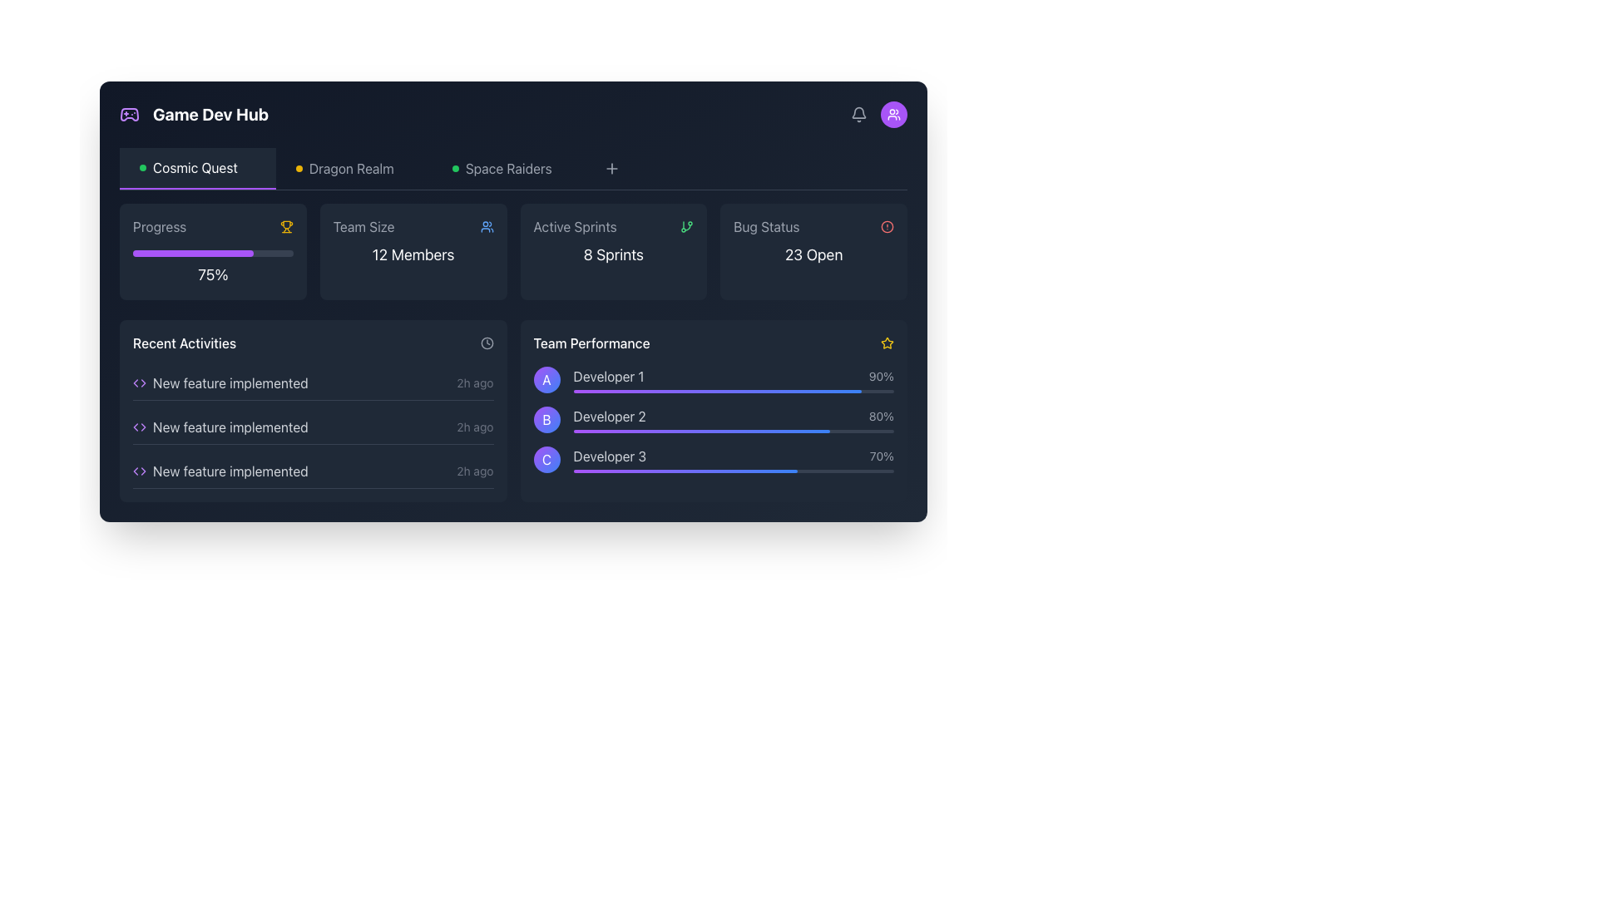 The width and height of the screenshot is (1597, 898). What do you see at coordinates (313, 383) in the screenshot?
I see `the topmost list item` at bounding box center [313, 383].